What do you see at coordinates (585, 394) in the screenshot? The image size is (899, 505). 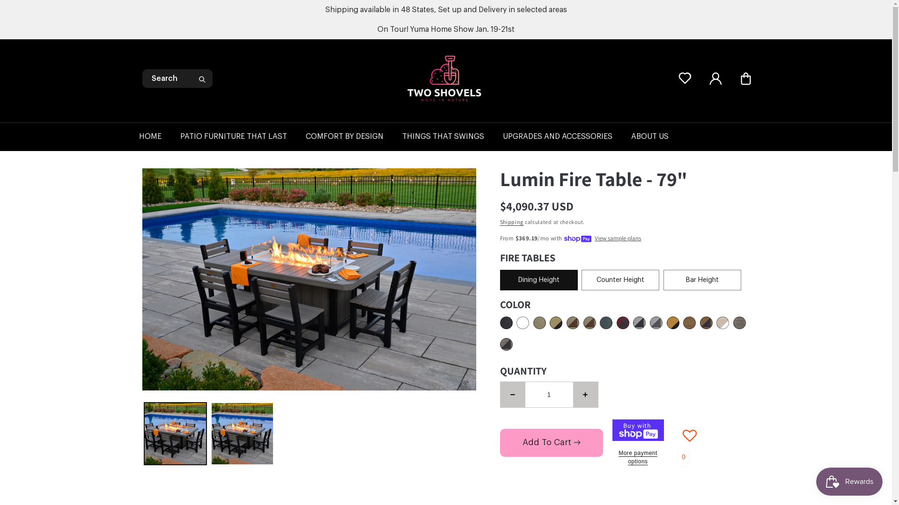 I see `'Increase quantity for Lumin Fire Table - 79&quot;'` at bounding box center [585, 394].